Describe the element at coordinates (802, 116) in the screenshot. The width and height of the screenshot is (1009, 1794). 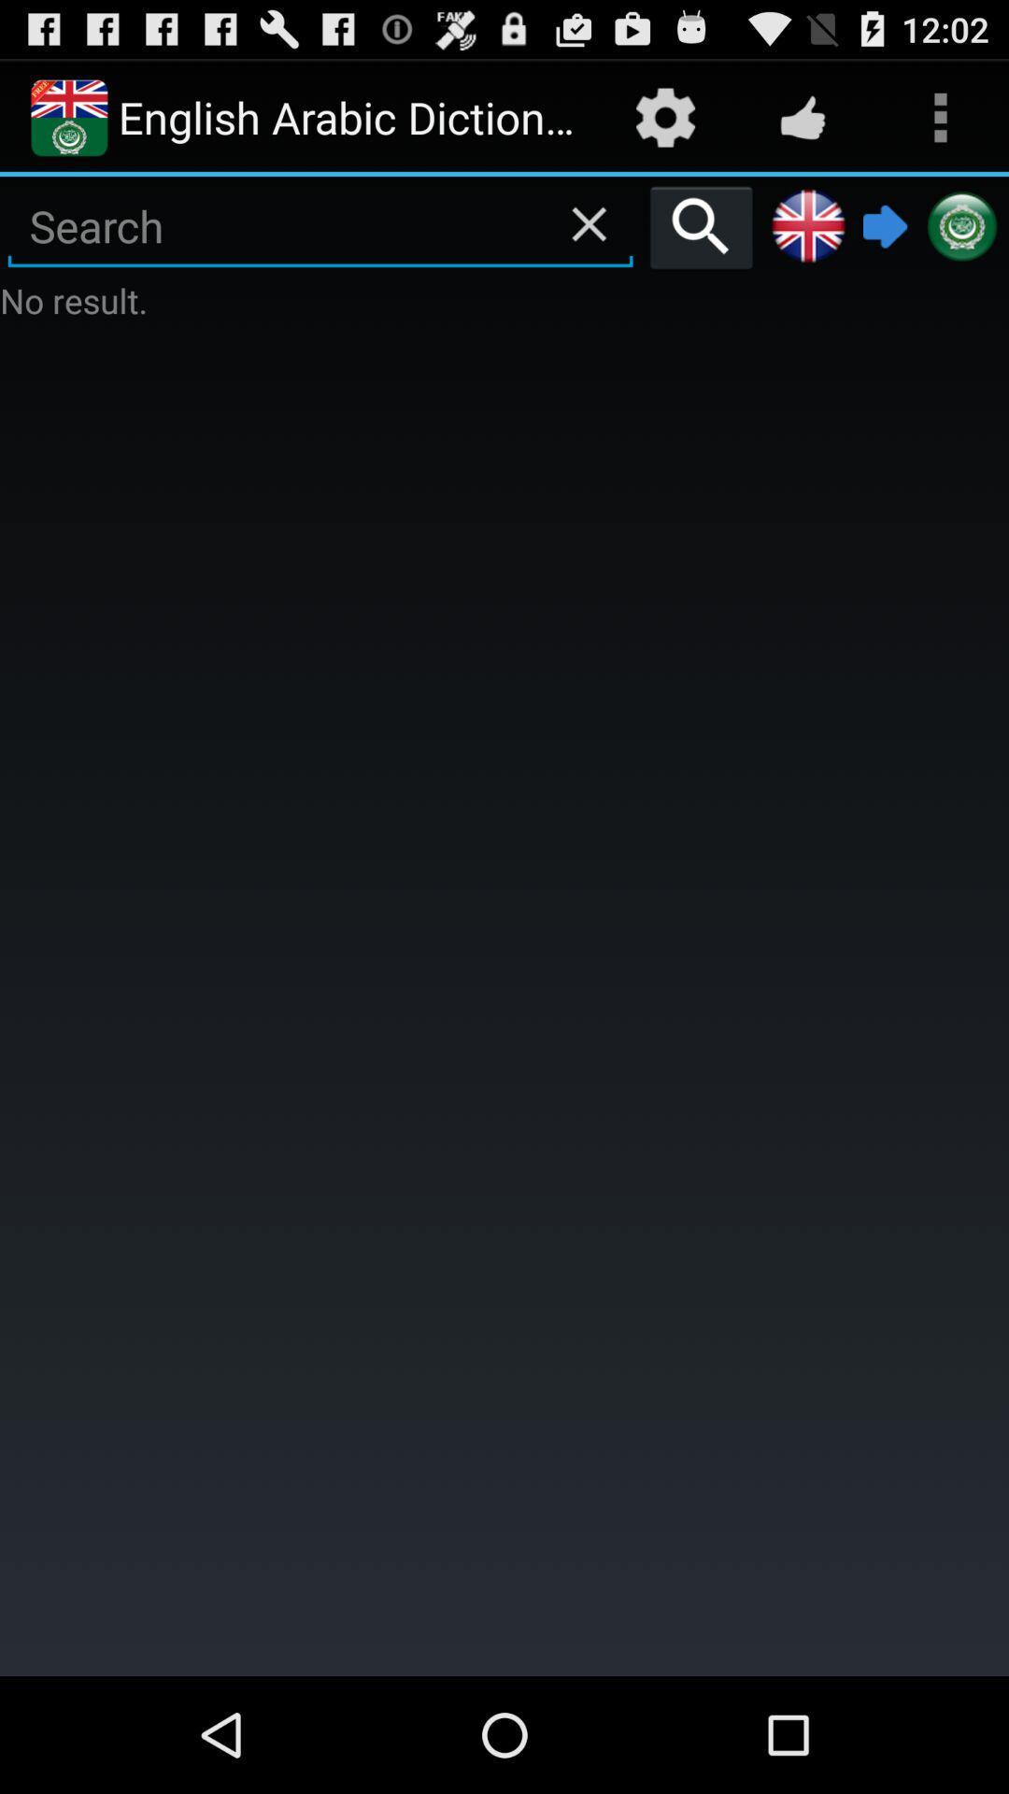
I see `the thumb icon right side to the settings icon on the top of the web page` at that location.